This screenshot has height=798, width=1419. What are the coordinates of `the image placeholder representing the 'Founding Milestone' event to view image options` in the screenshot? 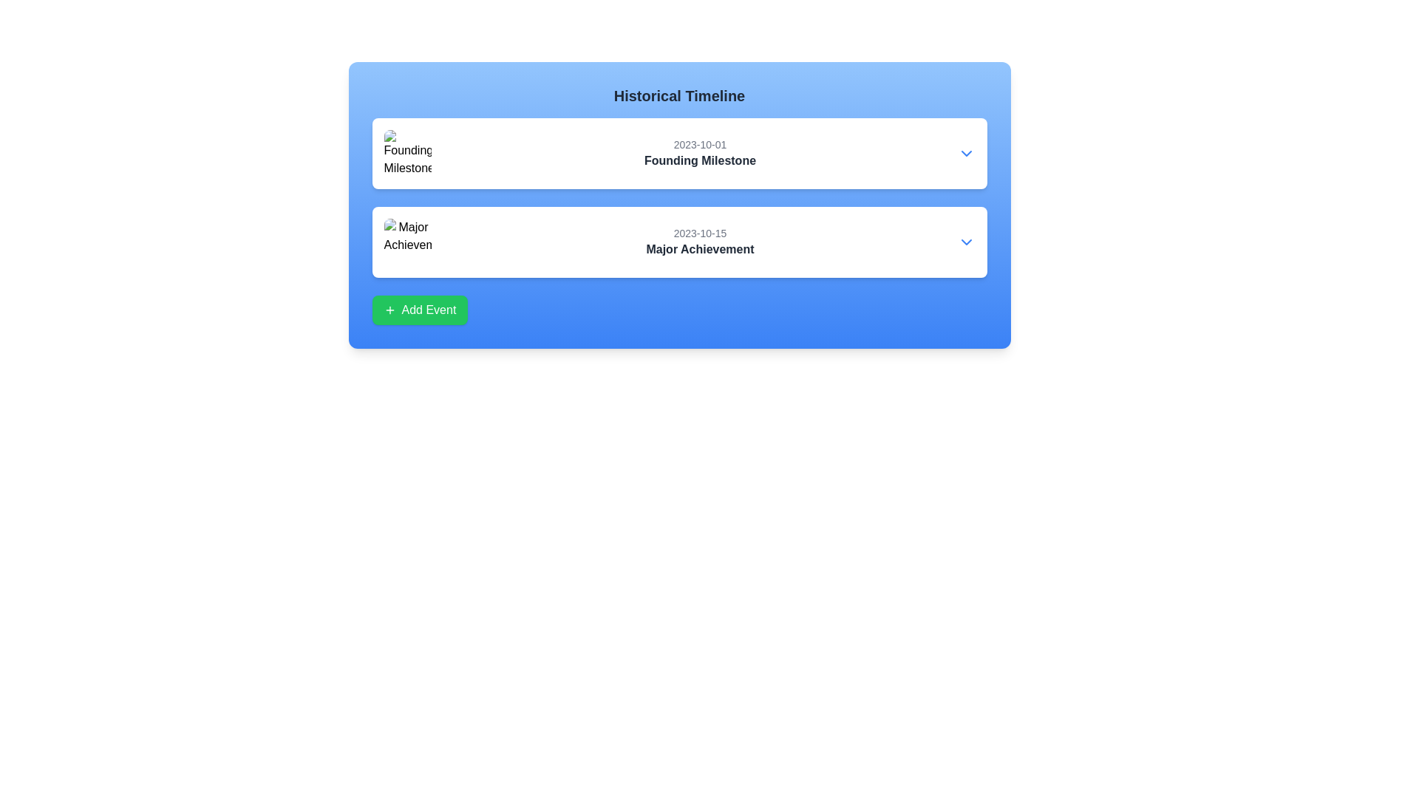 It's located at (407, 154).